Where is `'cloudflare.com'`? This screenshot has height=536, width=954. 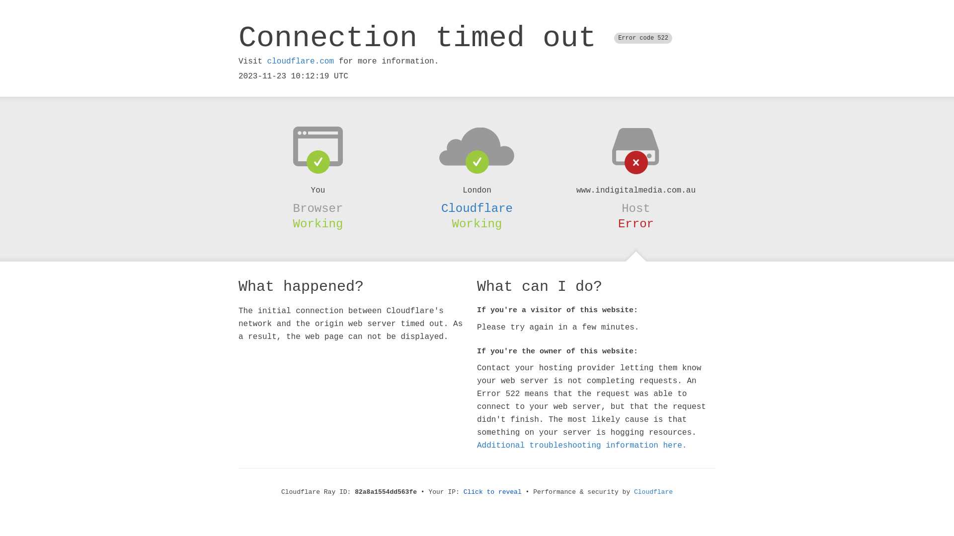
'cloudflare.com' is located at coordinates (300, 61).